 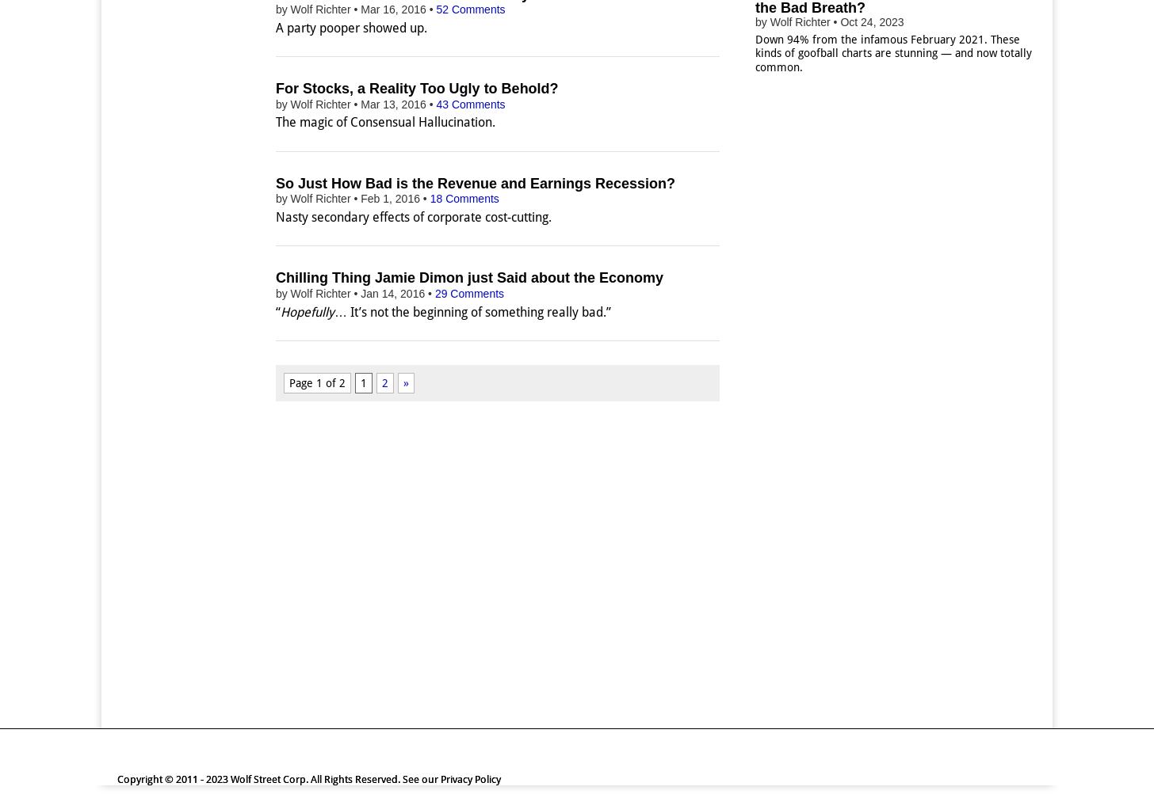 What do you see at coordinates (384, 122) in the screenshot?
I see `'The magic of Consensual Hallucination.'` at bounding box center [384, 122].